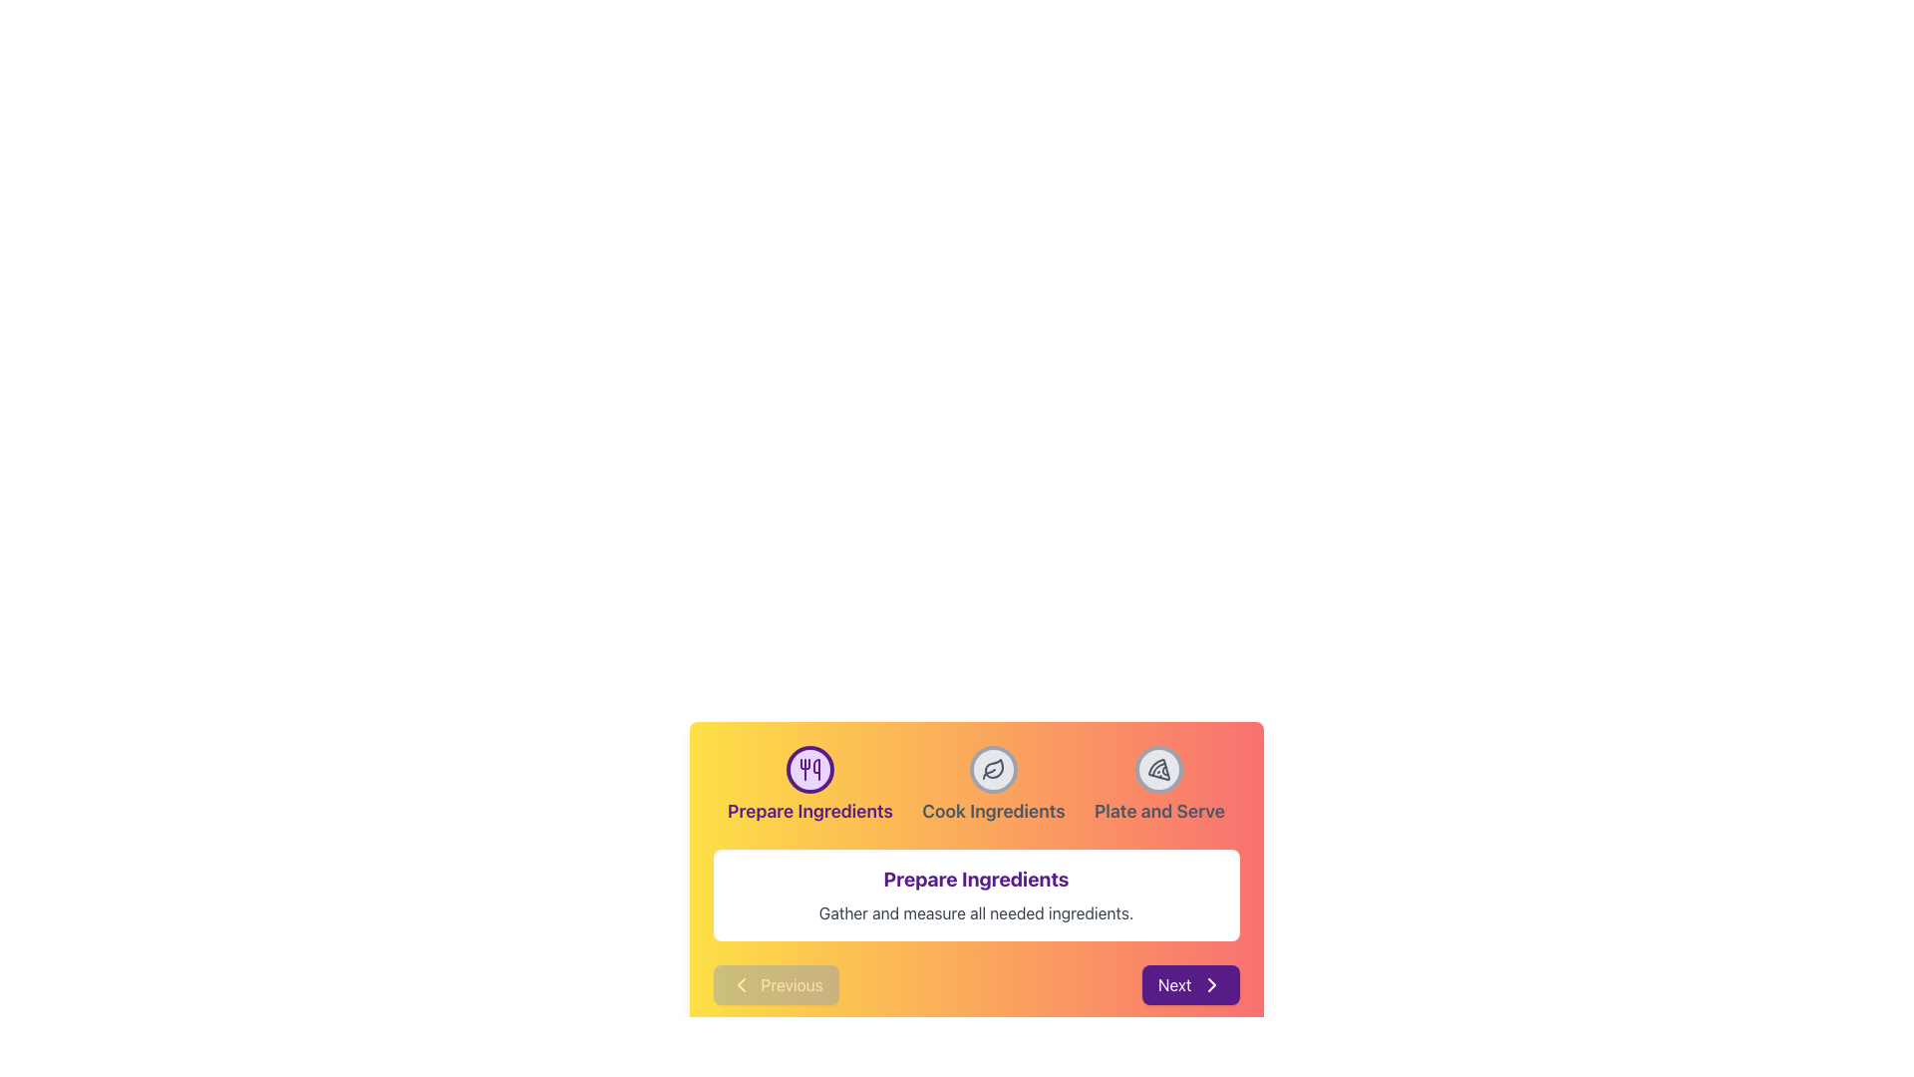  What do you see at coordinates (1210, 983) in the screenshot?
I see `the small outlined arrow icon inside the 'Next' button located in the bottom-right corner of the interface` at bounding box center [1210, 983].